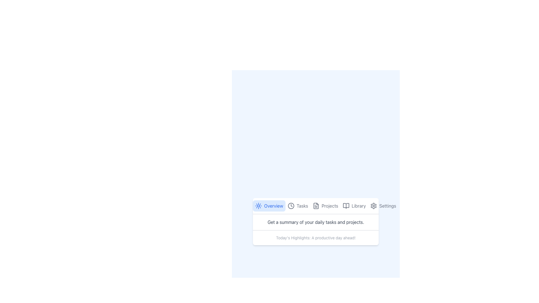 Image resolution: width=539 pixels, height=303 pixels. Describe the element at coordinates (258, 206) in the screenshot. I see `the Overview icon located in the top-left horizontal navigation bar` at that location.